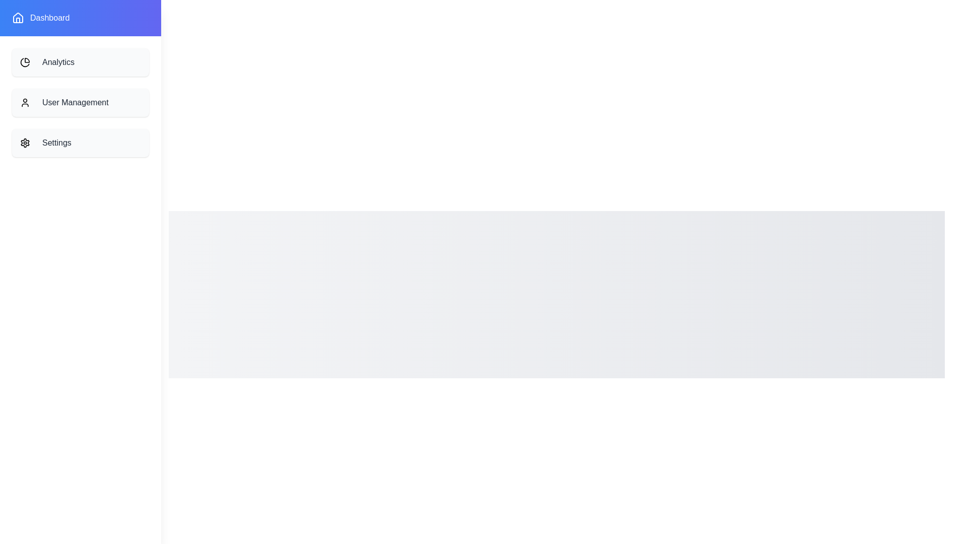 This screenshot has height=544, width=967. I want to click on the 'Analytics' item in the DashboardDrawer, so click(80, 62).